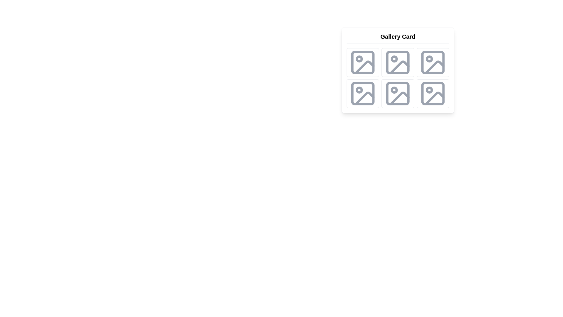  What do you see at coordinates (429, 59) in the screenshot?
I see `the graphical design of the decorative circle element located in the top-right region of the grid layout, specifically inside the third image of the first row` at bounding box center [429, 59].